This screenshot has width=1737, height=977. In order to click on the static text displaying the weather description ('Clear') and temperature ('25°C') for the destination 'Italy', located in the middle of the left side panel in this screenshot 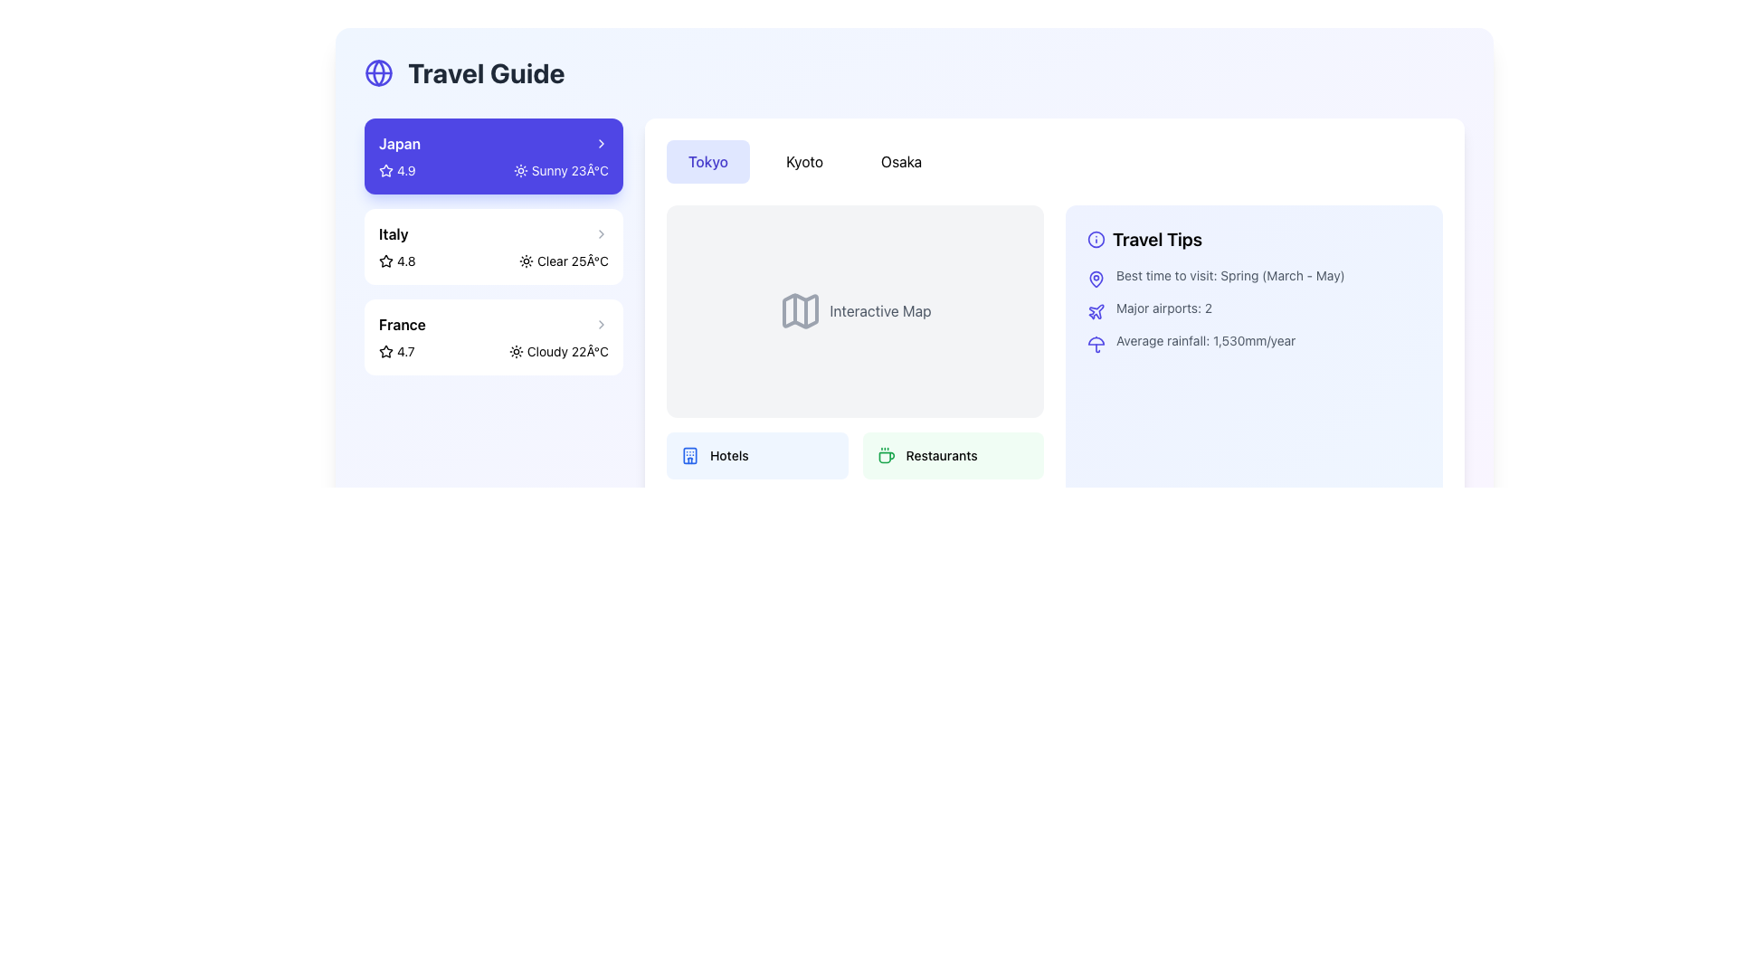, I will do `click(572, 261)`.